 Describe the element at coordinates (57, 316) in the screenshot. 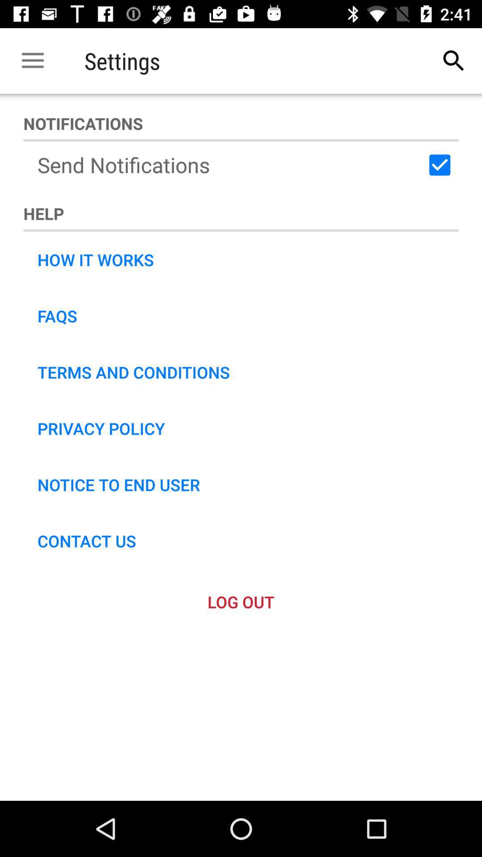

I see `faqs icon` at that location.